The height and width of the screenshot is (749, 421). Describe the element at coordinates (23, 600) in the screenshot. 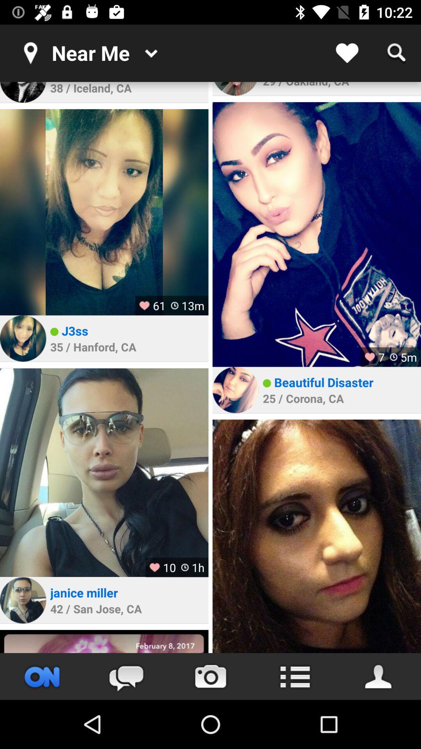

I see `open profile` at that location.